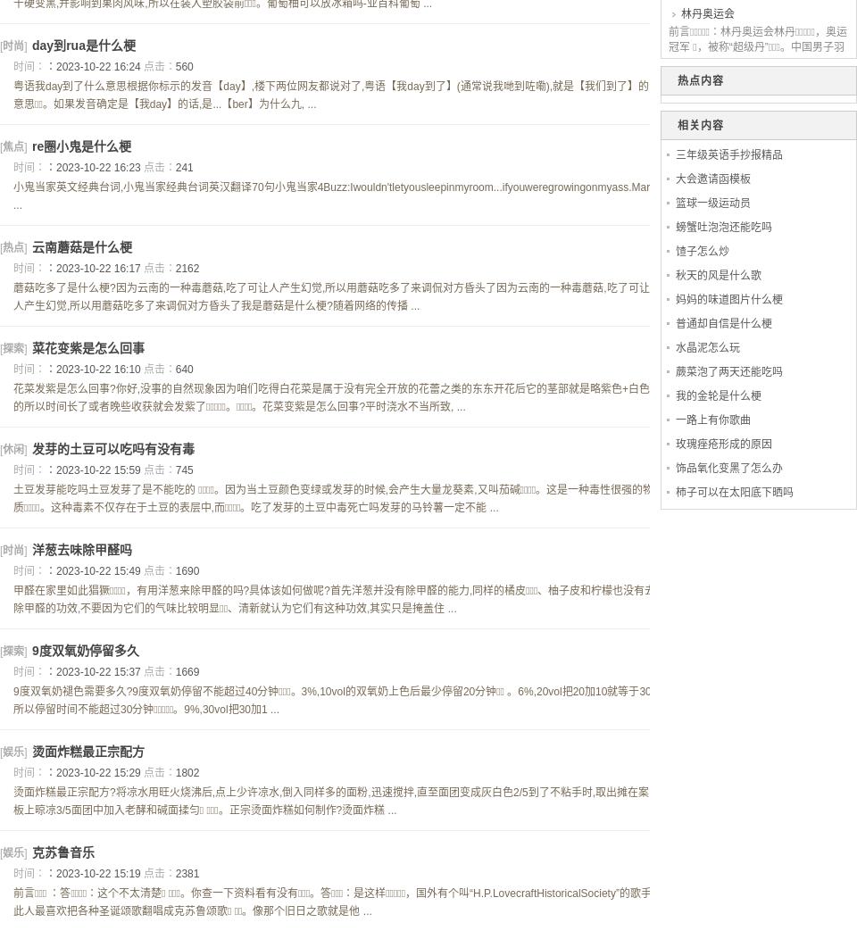 This screenshot has height=931, width=857. What do you see at coordinates (187, 268) in the screenshot?
I see `'2162'` at bounding box center [187, 268].